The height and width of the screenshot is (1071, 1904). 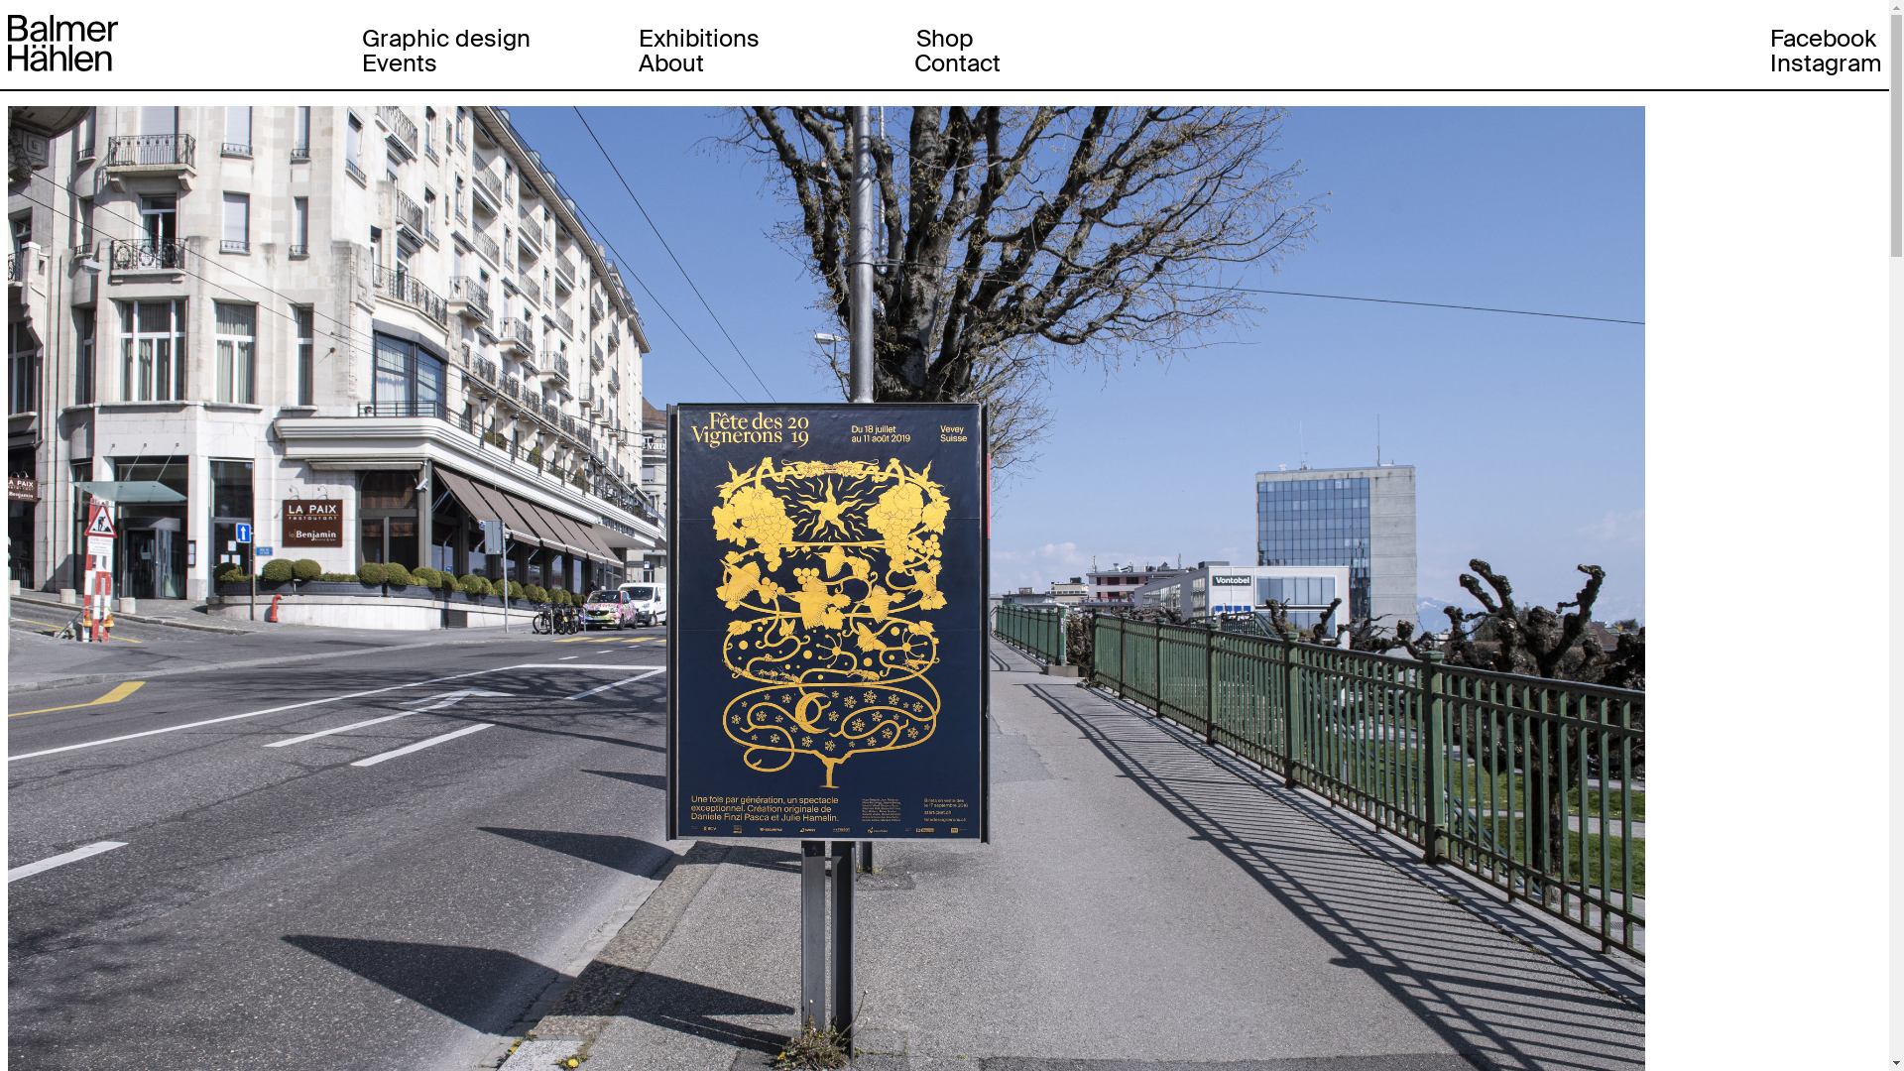 I want to click on 'Exhibitions', so click(x=699, y=38).